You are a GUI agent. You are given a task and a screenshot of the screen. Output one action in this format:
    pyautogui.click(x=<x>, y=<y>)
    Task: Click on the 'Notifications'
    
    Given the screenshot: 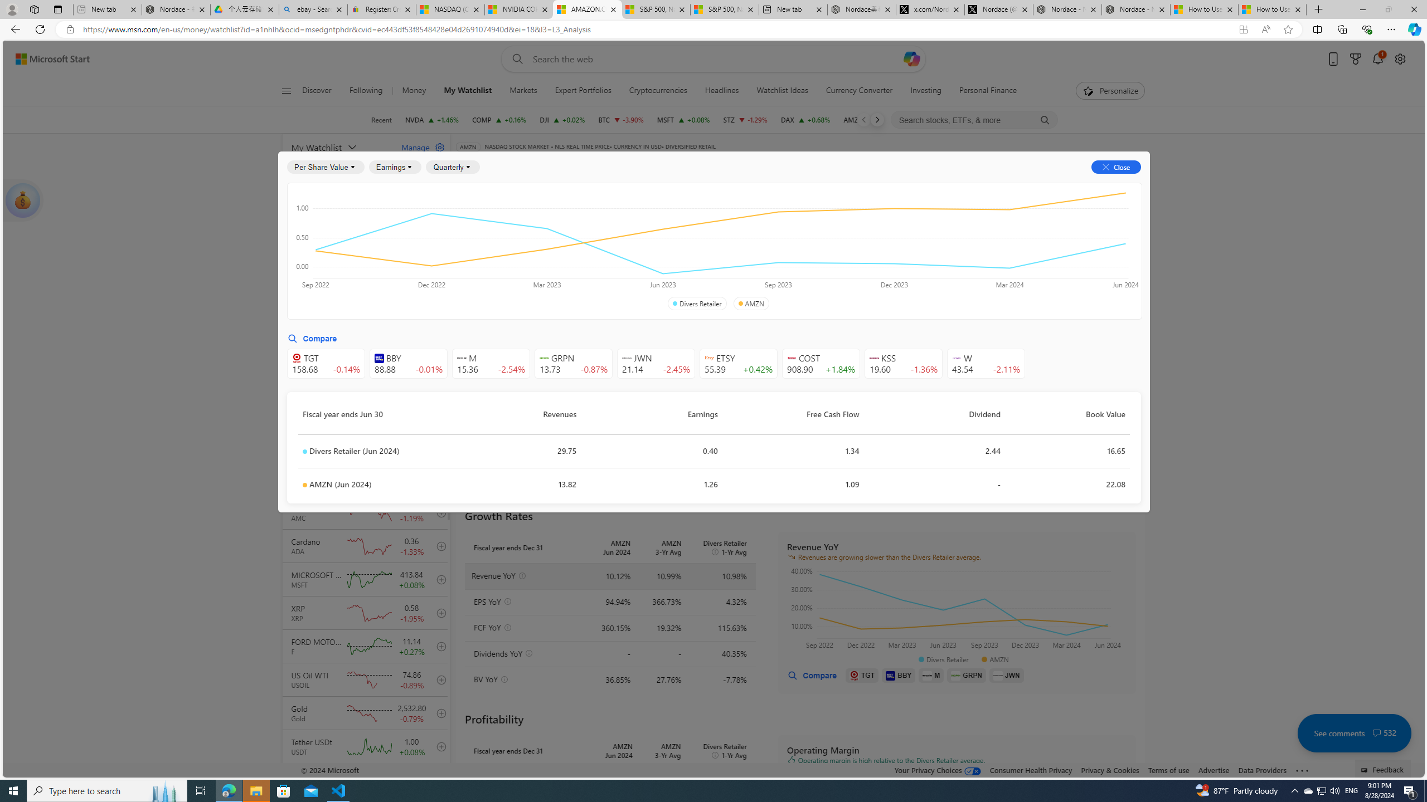 What is the action you would take?
    pyautogui.click(x=1377, y=59)
    